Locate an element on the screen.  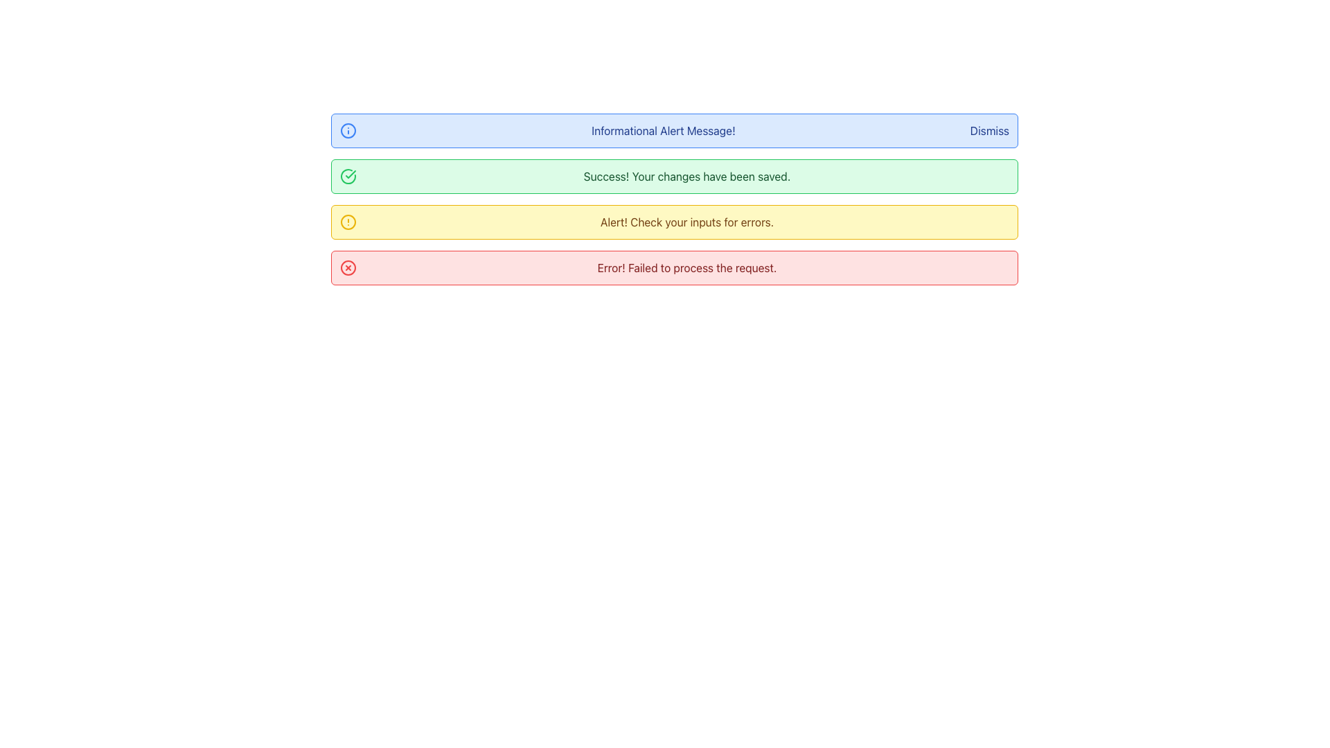
the static text element that conveys confirmation of a successful action, which is located within a green notification box, positioned to the right of a green checkmark icon is located at coordinates (687, 175).